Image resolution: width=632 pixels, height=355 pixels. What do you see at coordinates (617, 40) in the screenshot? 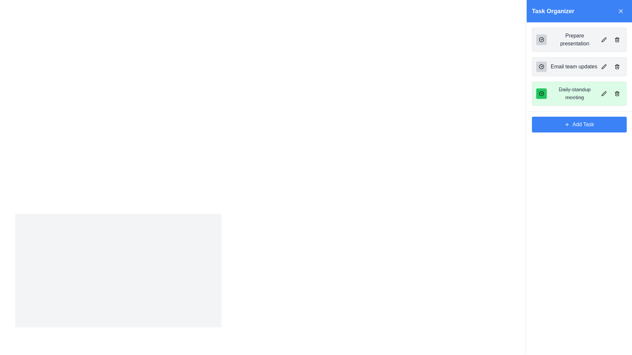
I see `the trash can icon button located in the 'Task Organizer' UI section on the right-side toolbar` at bounding box center [617, 40].